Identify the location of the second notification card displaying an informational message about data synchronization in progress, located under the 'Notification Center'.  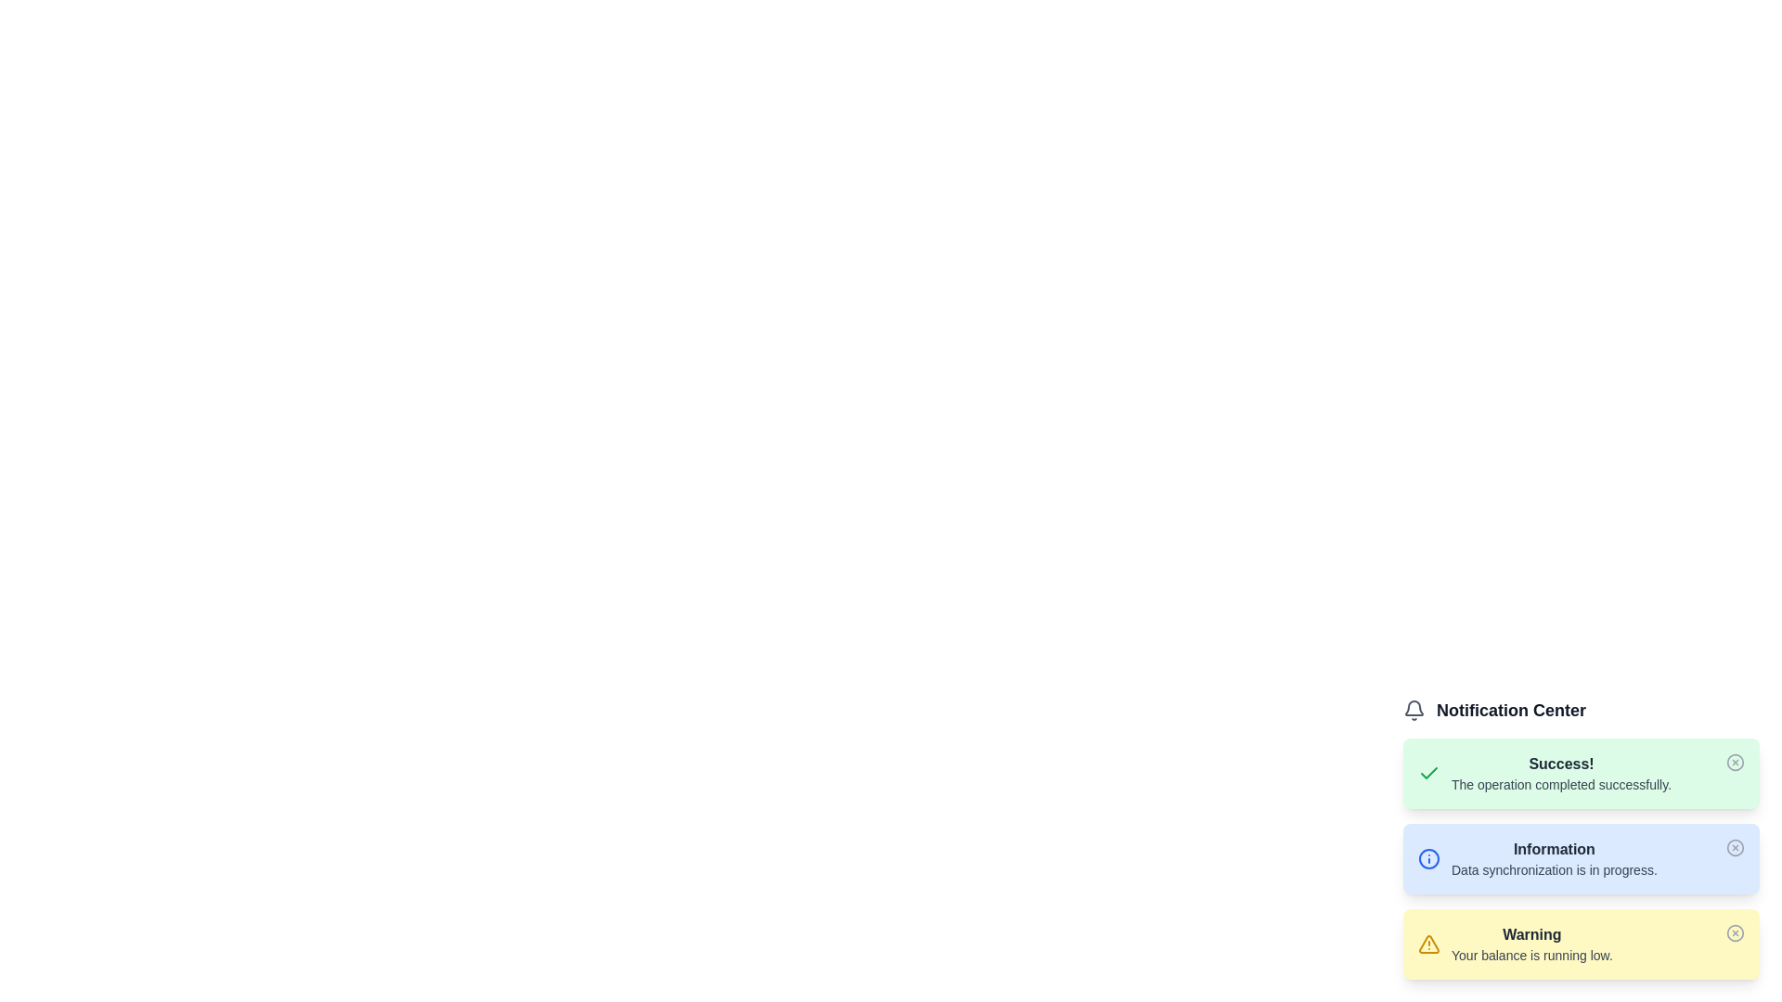
(1537, 858).